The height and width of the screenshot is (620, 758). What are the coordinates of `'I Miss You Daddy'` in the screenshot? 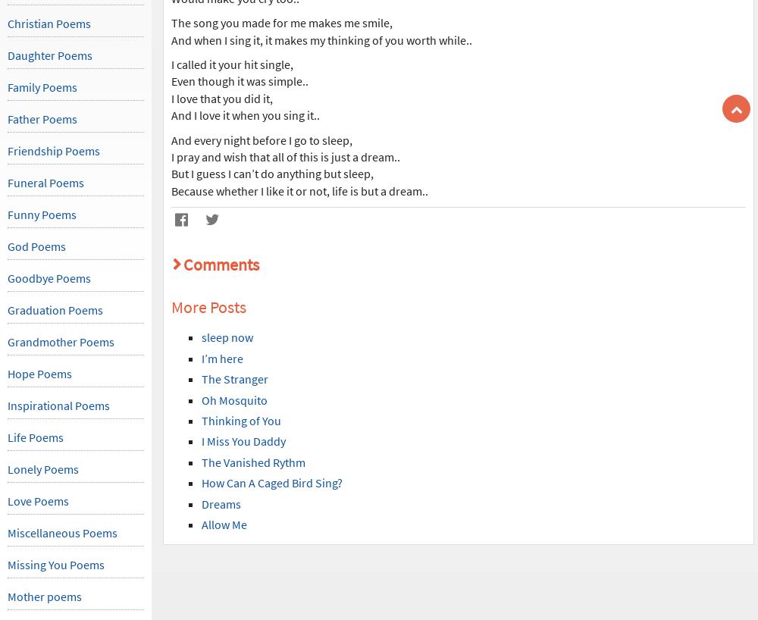 It's located at (243, 440).